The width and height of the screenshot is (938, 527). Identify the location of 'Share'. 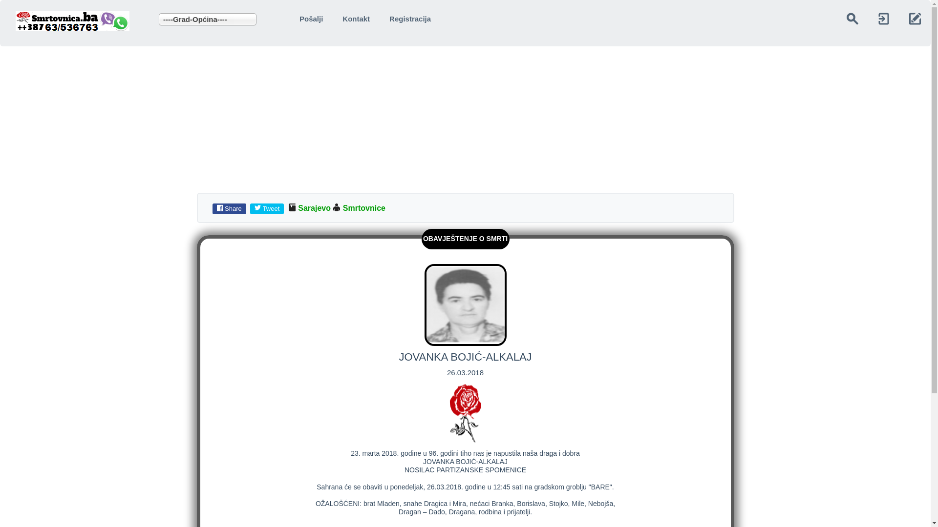
(231, 207).